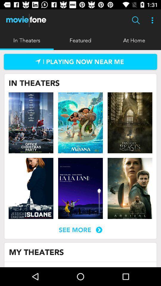 The width and height of the screenshot is (161, 286). What do you see at coordinates (31, 122) in the screenshot?
I see `movie stills` at bounding box center [31, 122].